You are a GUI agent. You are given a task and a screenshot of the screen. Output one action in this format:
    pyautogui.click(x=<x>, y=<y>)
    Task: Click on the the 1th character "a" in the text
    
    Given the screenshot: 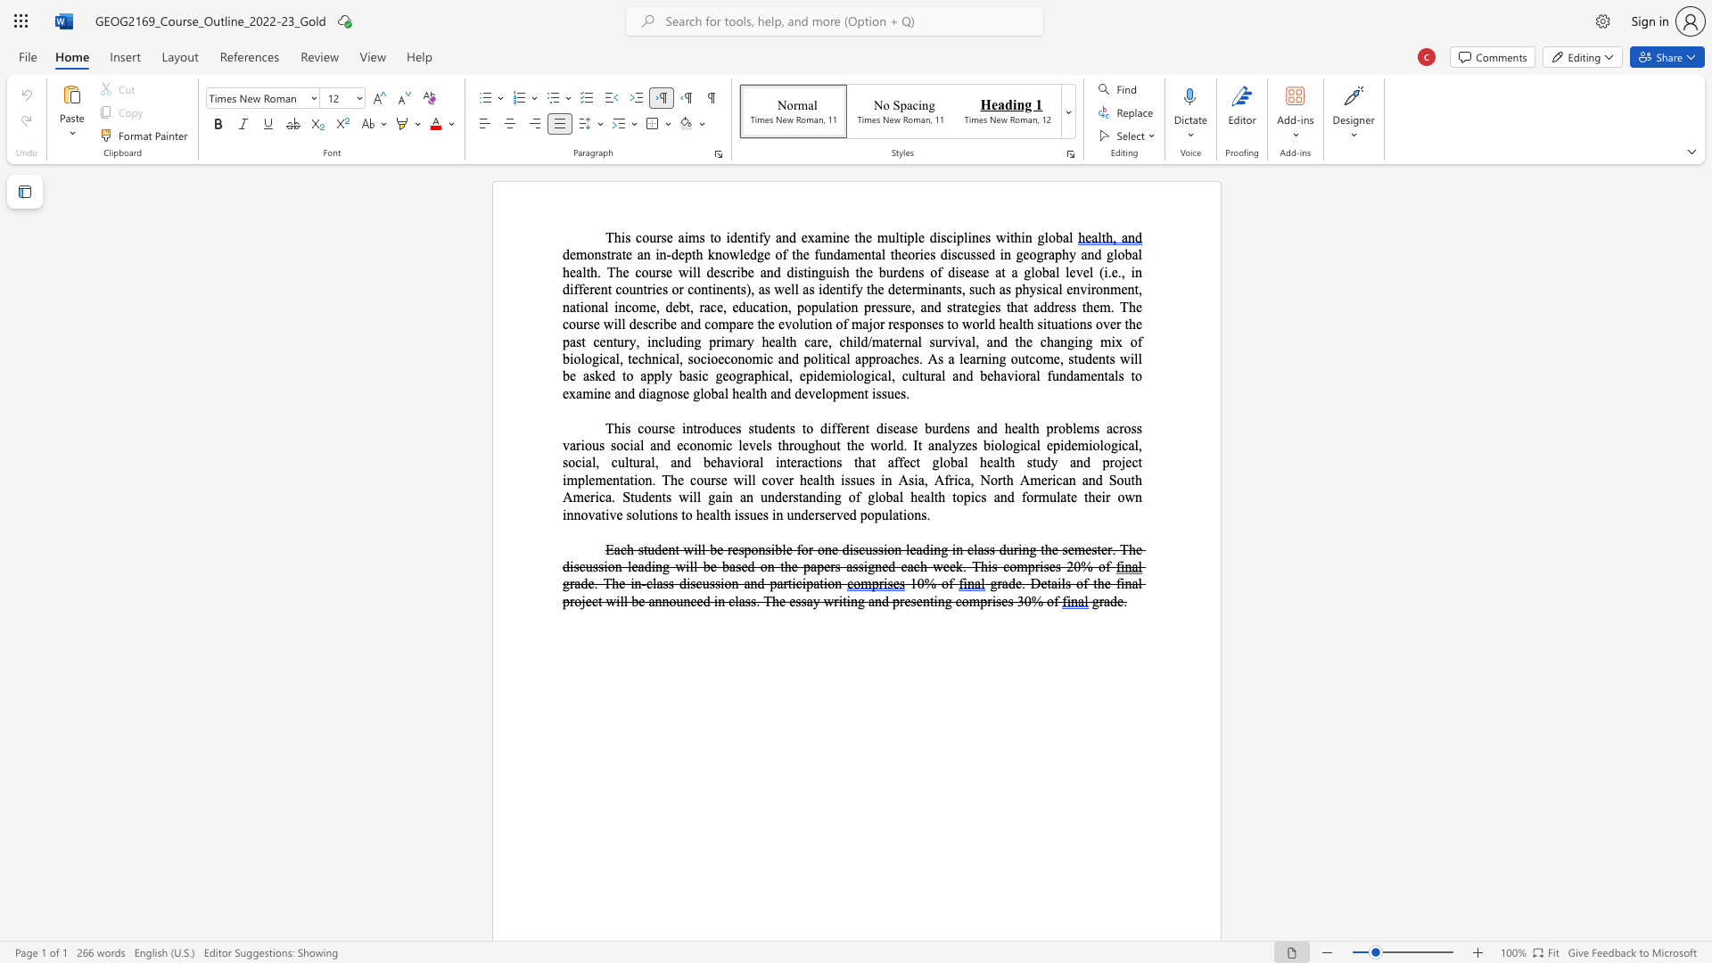 What is the action you would take?
    pyautogui.click(x=761, y=288)
    